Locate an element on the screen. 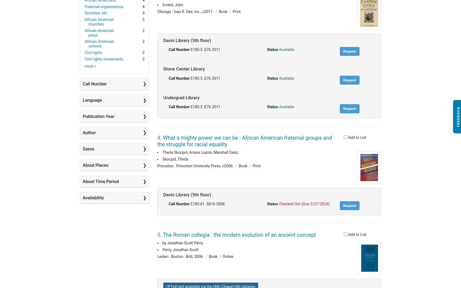 The image size is (461, 288). '5.' is located at coordinates (160, 234).